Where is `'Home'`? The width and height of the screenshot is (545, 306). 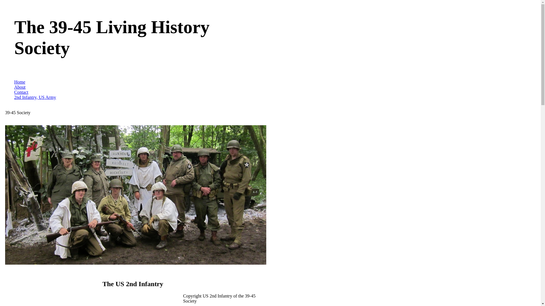 'Home' is located at coordinates (20, 82).